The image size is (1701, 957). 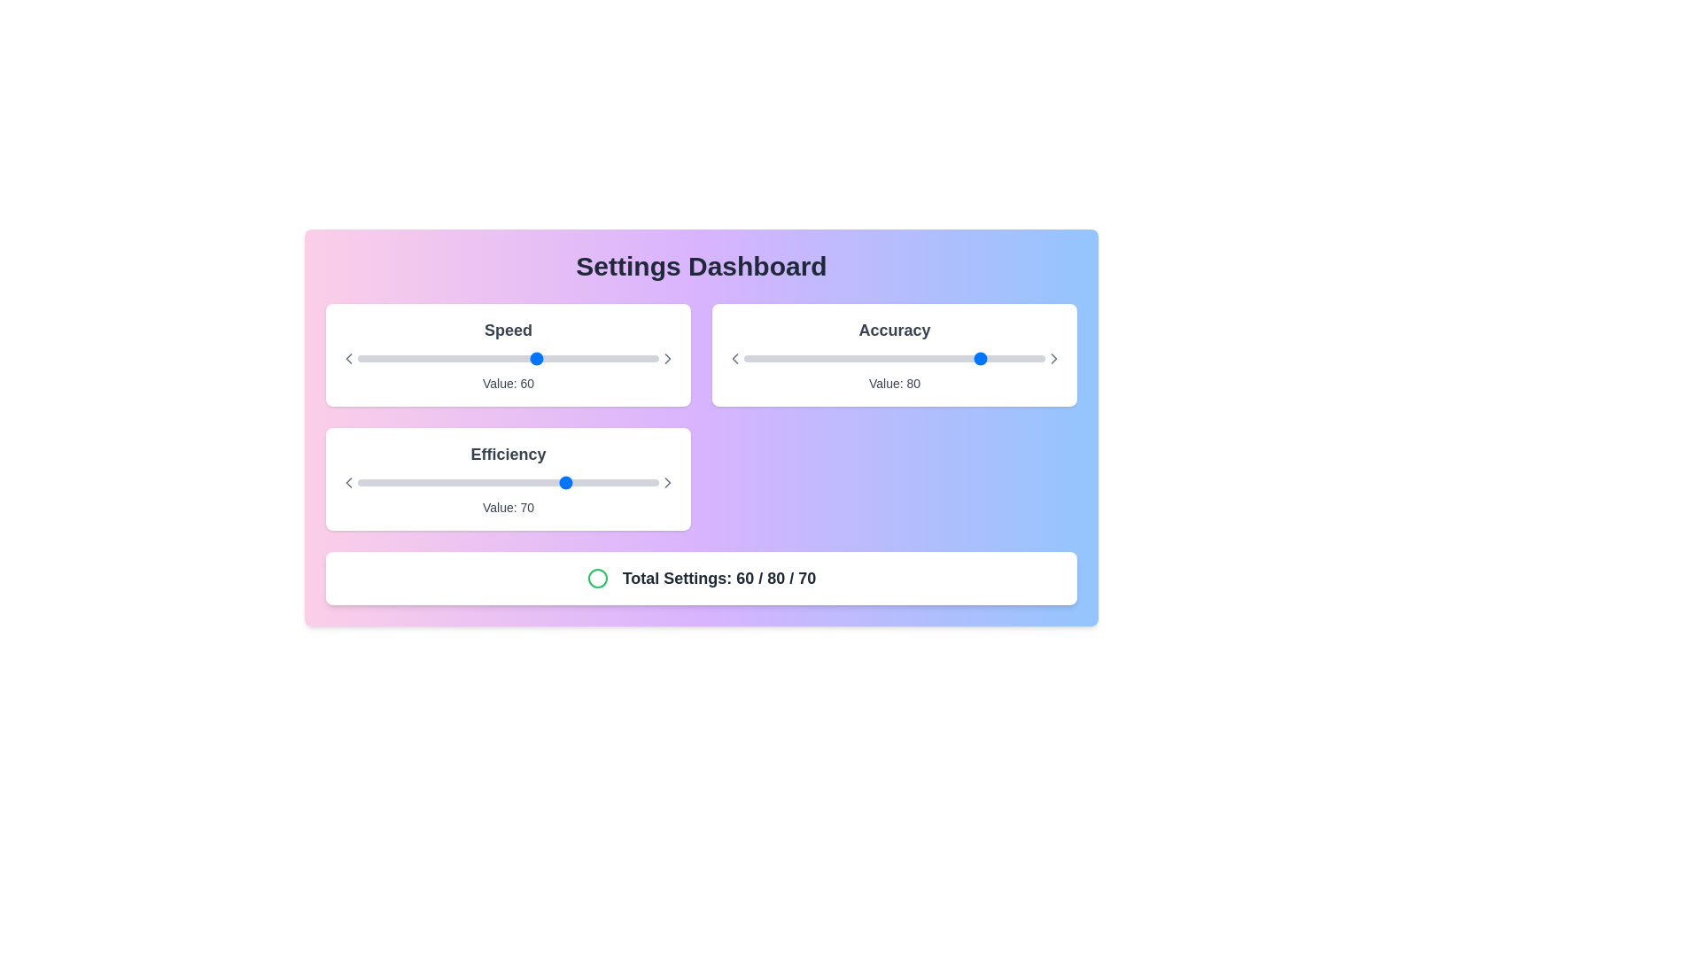 I want to click on the accuracy slider, so click(x=885, y=359).